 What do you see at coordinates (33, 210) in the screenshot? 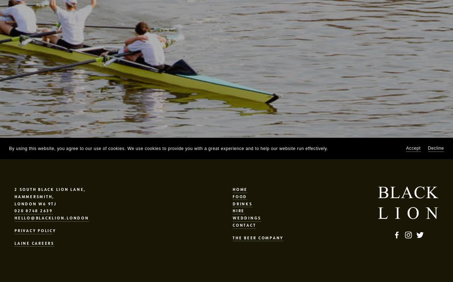
I see `'020 8748 2639'` at bounding box center [33, 210].